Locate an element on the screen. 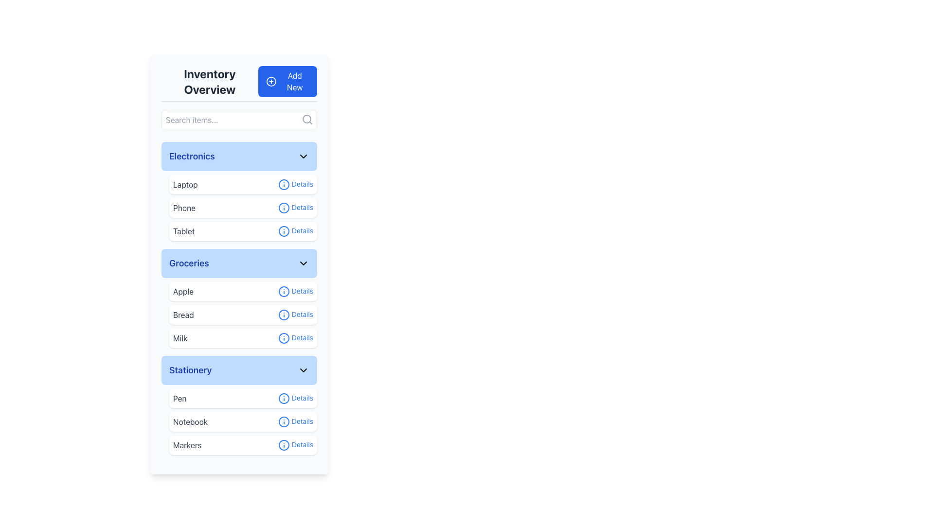  the circular information icon with a blue border located to the left of the 'Details' text in the 'Electronics' section is located at coordinates (283, 185).